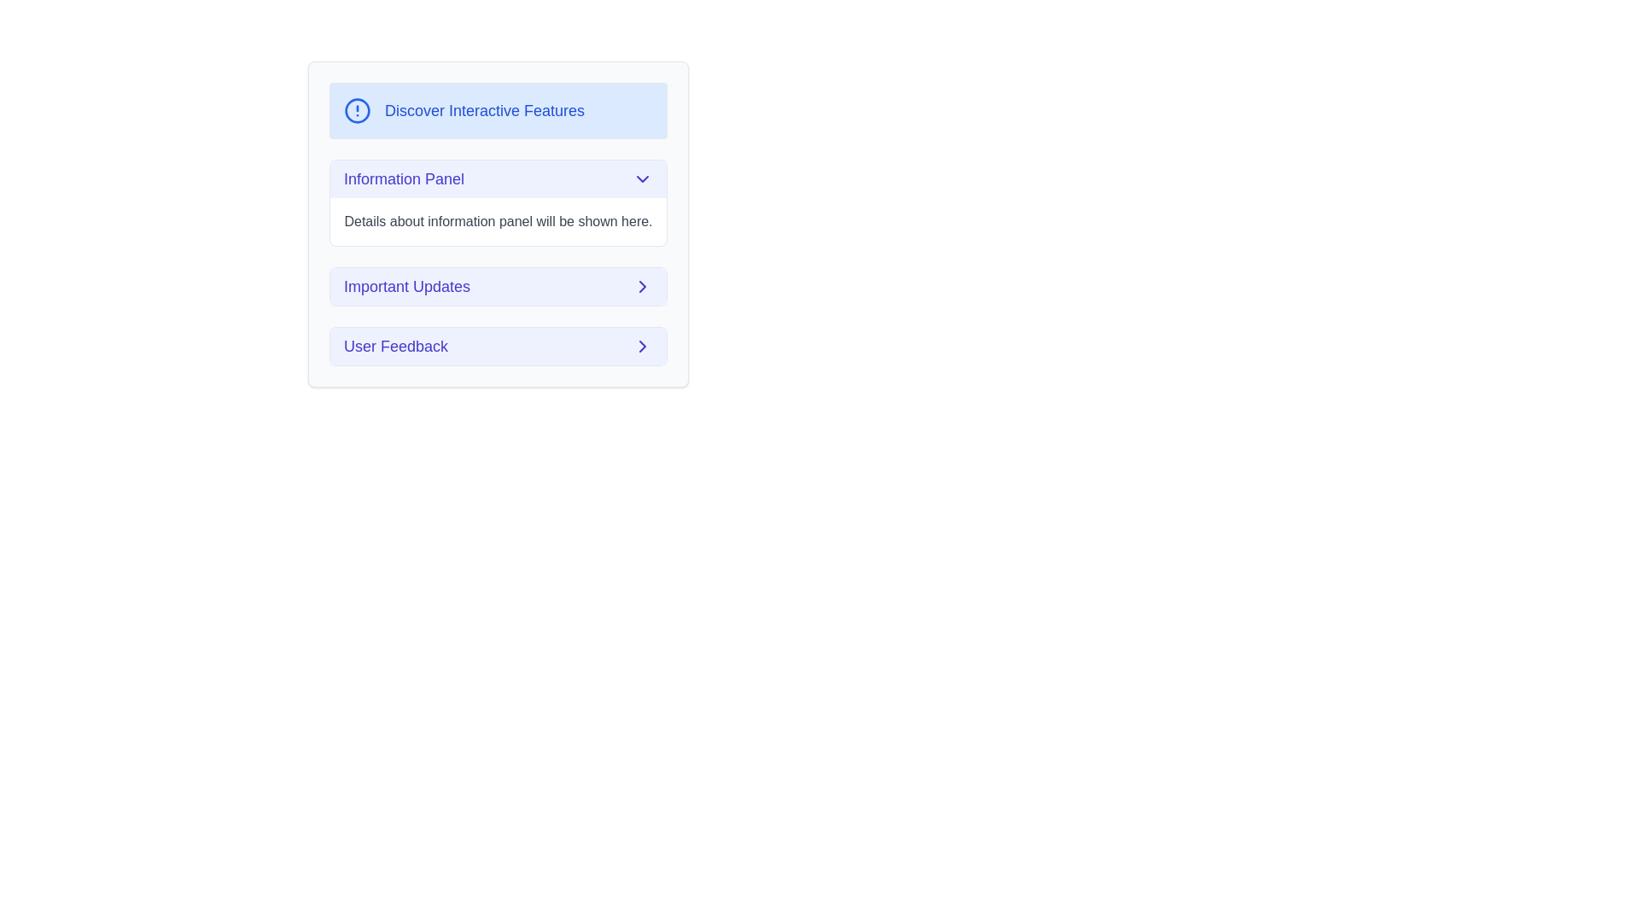  I want to click on the white text display box that contains the text 'Details about information panel will be shown here.' located below the 'Information Panel' header, so click(498, 220).